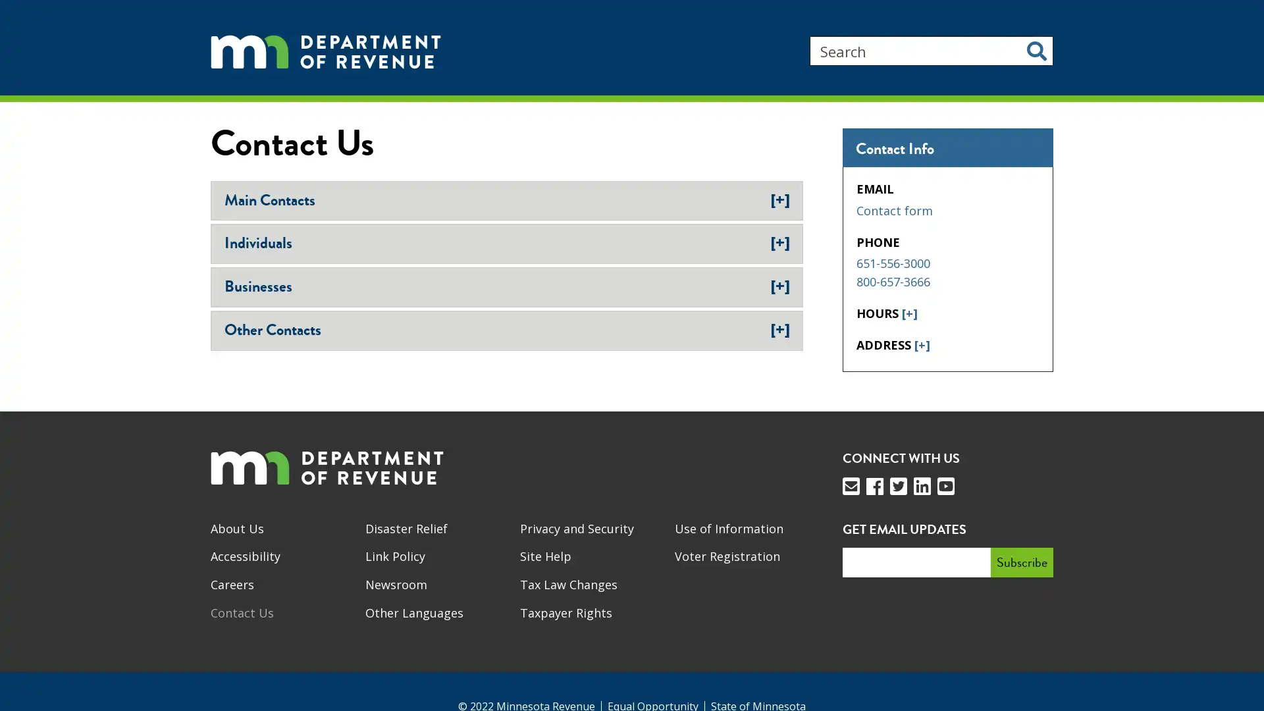 Image resolution: width=1264 pixels, height=711 pixels. What do you see at coordinates (1036, 50) in the screenshot?
I see `Search` at bounding box center [1036, 50].